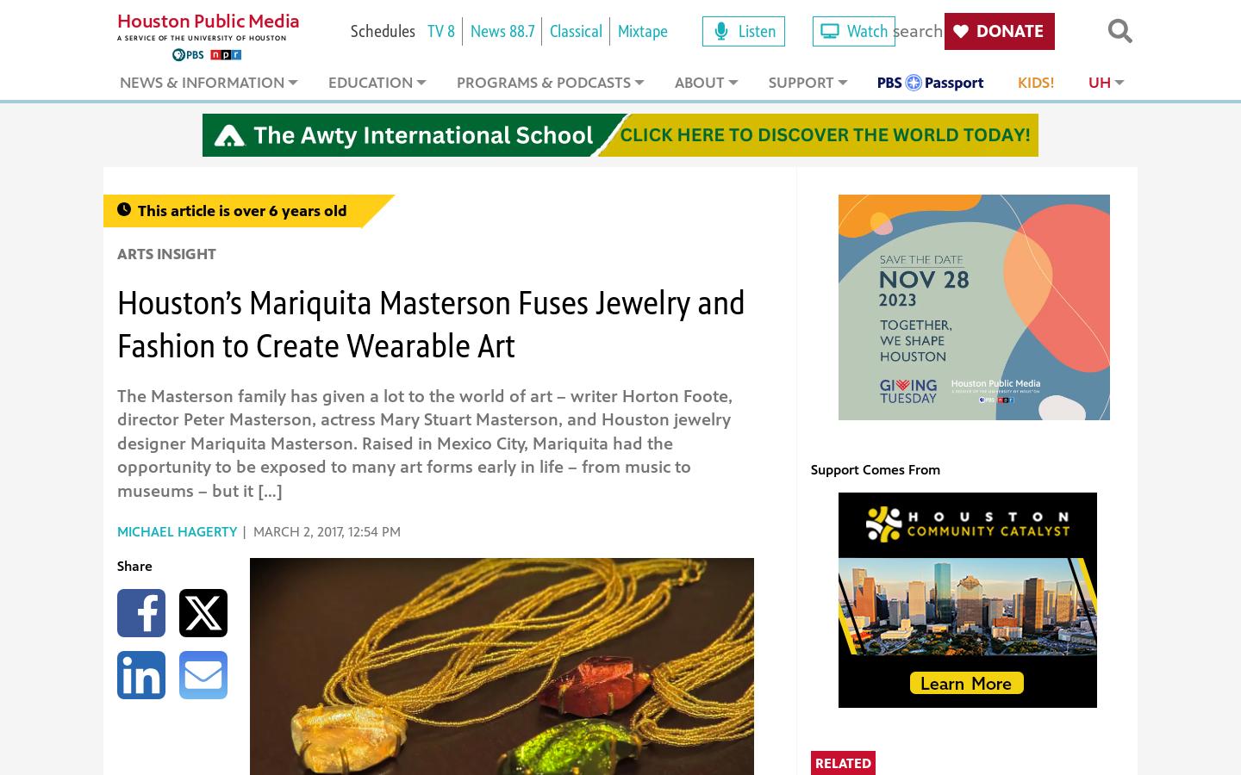 This screenshot has width=1241, height=775. I want to click on 'March 2, 2017, 12:54 PM', so click(326, 531).